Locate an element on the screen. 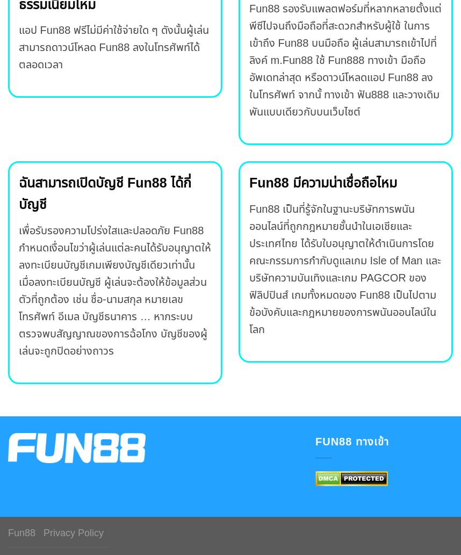 The image size is (461, 555). 'Fun88 รองรับแพลตฟอร์มที่หลากหลายตั้งแต่พีซีไปจนถึงมือถือที่สะดวกสำหรับผู้ใช้ ในการเข้าถึง Fun88 บนมือถือ ผู้เล่นสามารถเข้าไปที่ลิงค์' is located at coordinates (345, 34).